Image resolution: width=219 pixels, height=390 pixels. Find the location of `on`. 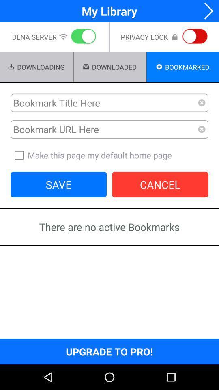

on is located at coordinates (82, 37).